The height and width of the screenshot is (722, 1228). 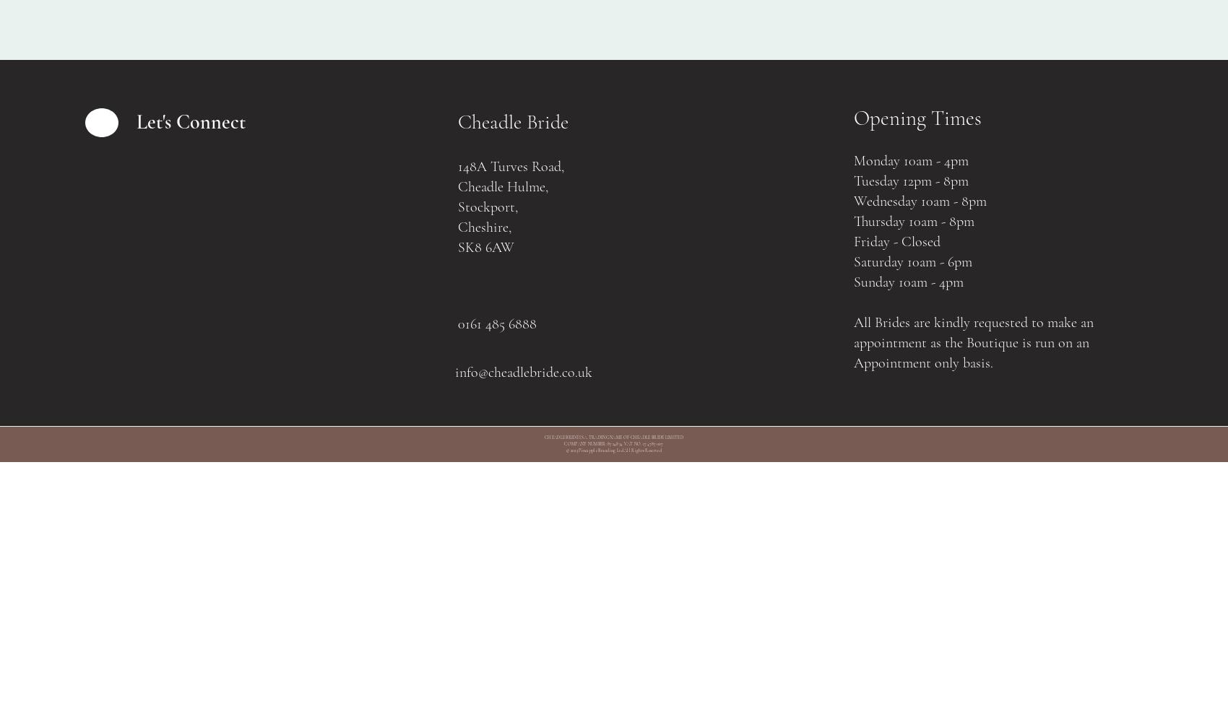 I want to click on 'Cheadle Bride', so click(x=512, y=122).